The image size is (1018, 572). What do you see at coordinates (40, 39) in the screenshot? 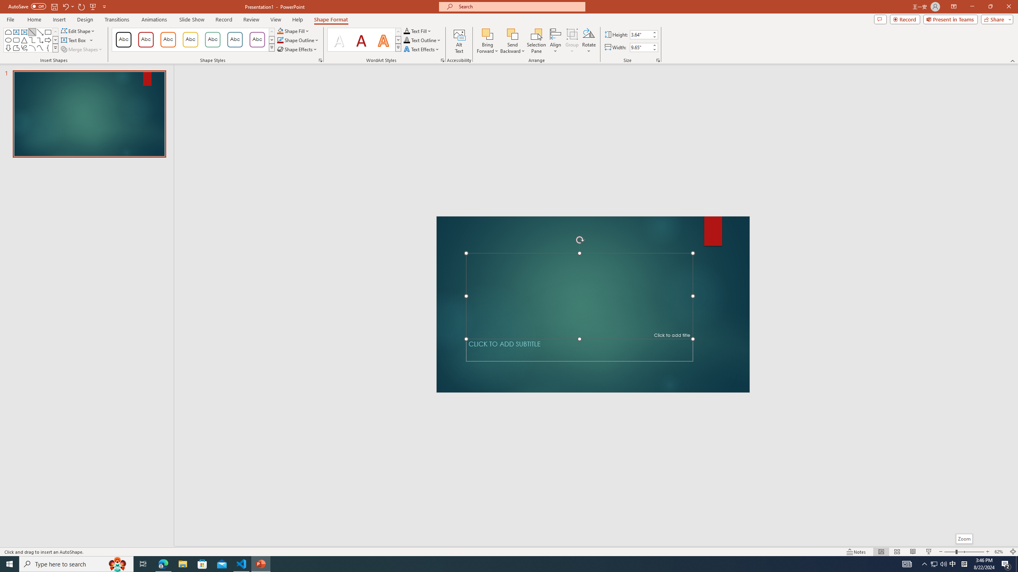
I see `'Connector: Elbow Arrow'` at bounding box center [40, 39].